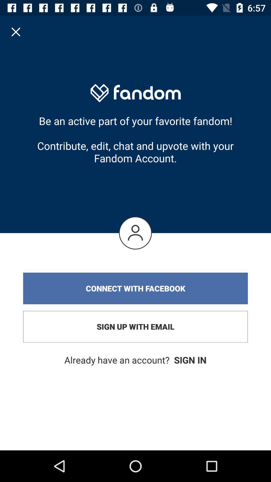  What do you see at coordinates (16, 31) in the screenshot?
I see `icon at the top left corner` at bounding box center [16, 31].